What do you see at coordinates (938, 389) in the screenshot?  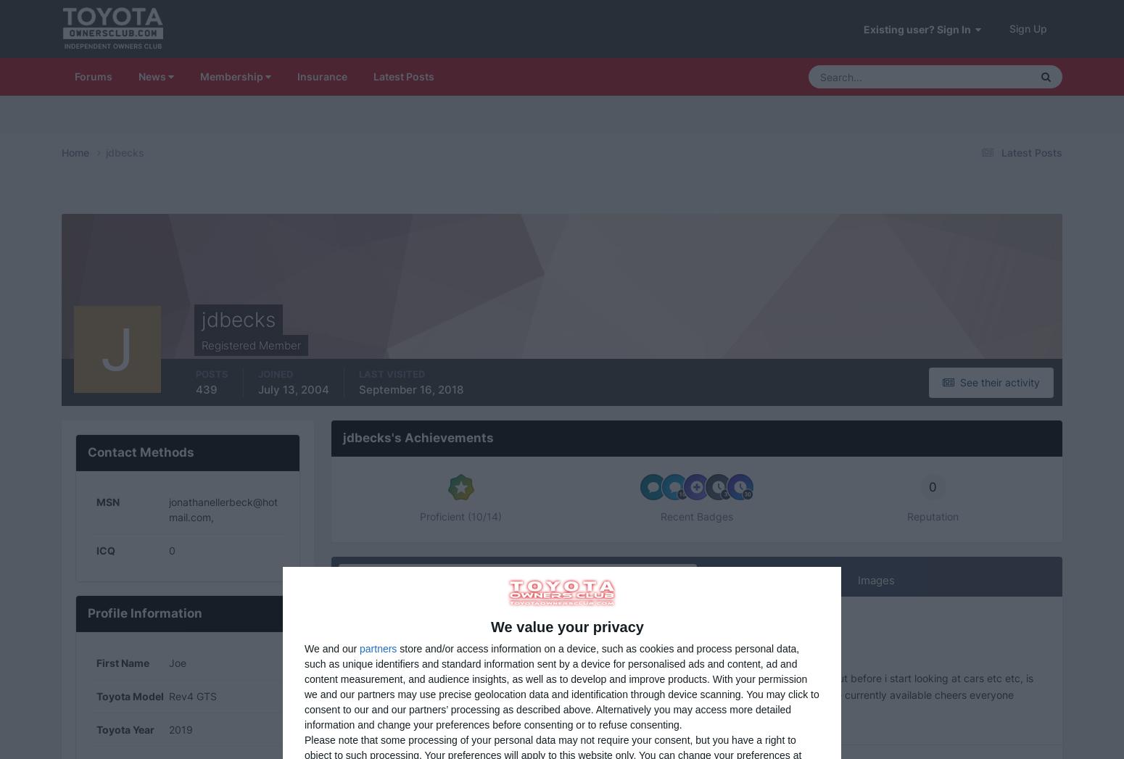 I see `'Members'` at bounding box center [938, 389].